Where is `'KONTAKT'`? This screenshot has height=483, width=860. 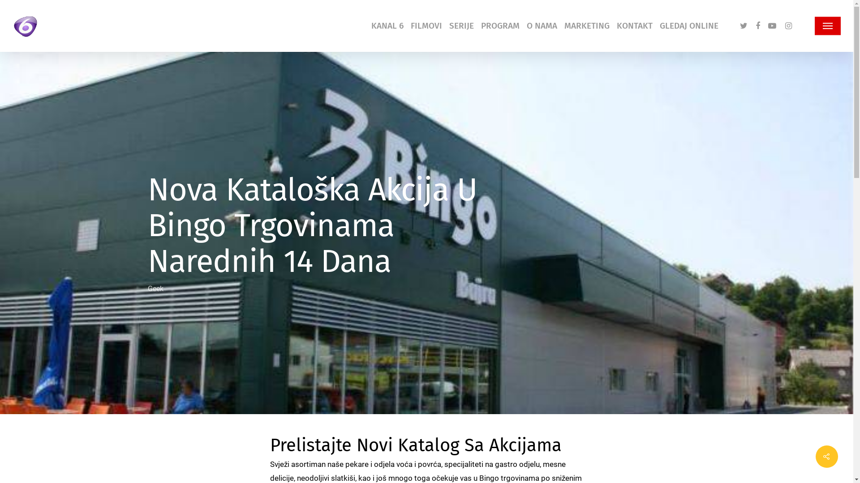
'KONTAKT' is located at coordinates (634, 25).